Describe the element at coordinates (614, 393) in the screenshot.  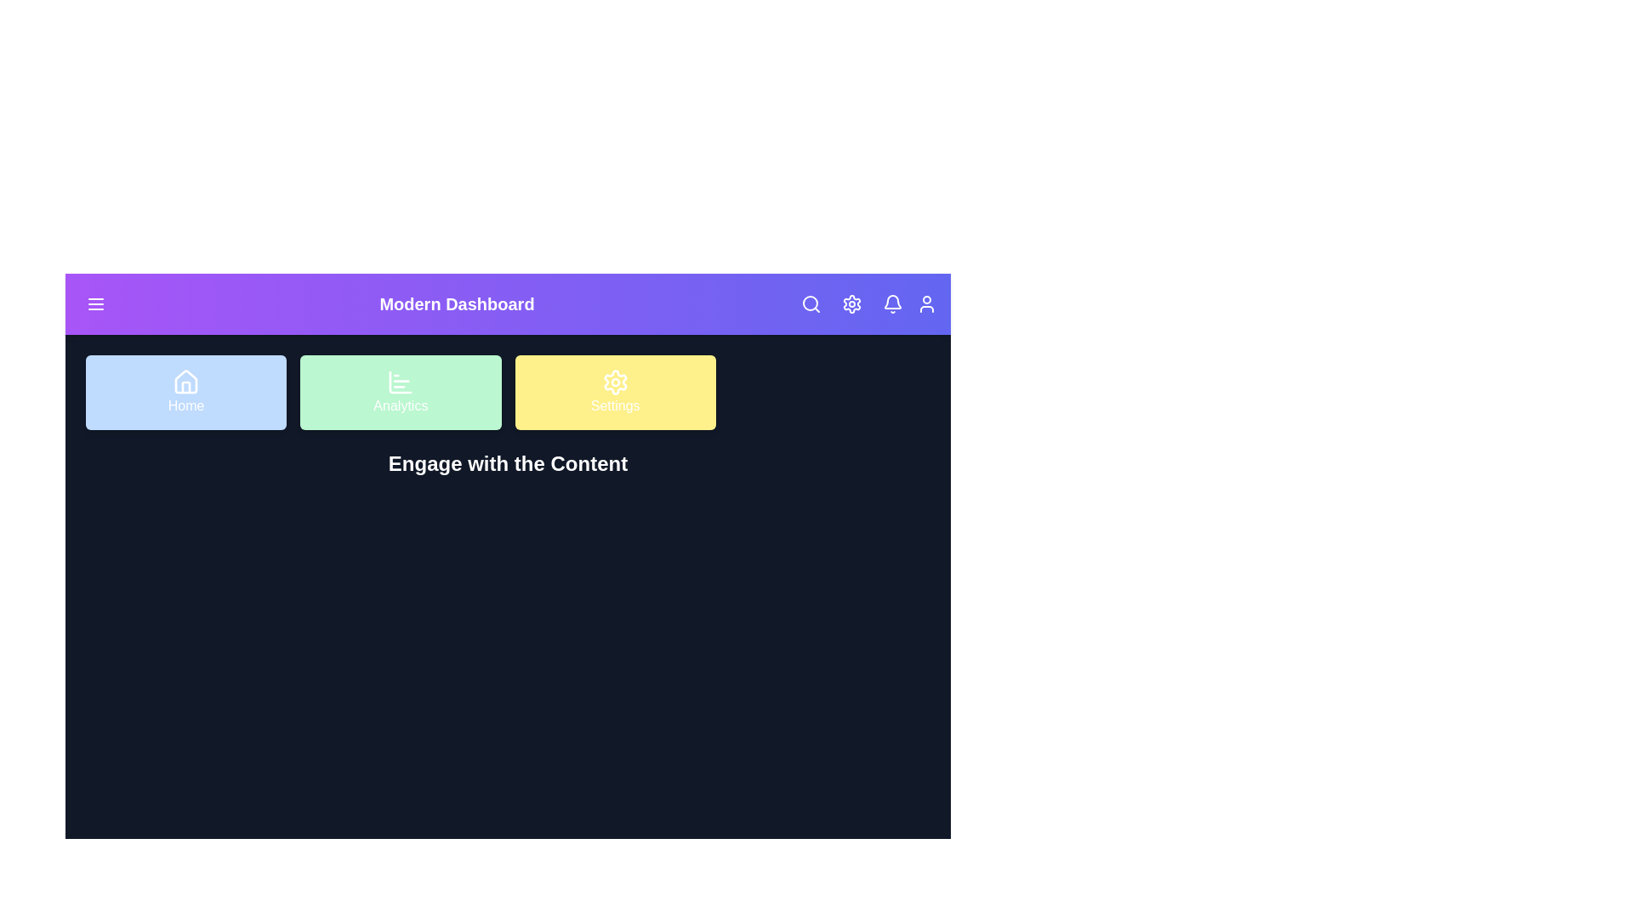
I see `the Settings button in the navigation grid` at that location.